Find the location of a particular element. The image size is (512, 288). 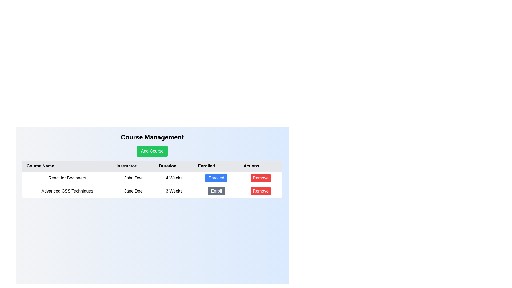

the 'Enroll' button with a gray background and white text in the second row of the table under the 'Enrolled' column for the course 'Advanced CSS Techniques' instructed by Jane Doe is located at coordinates (216, 191).